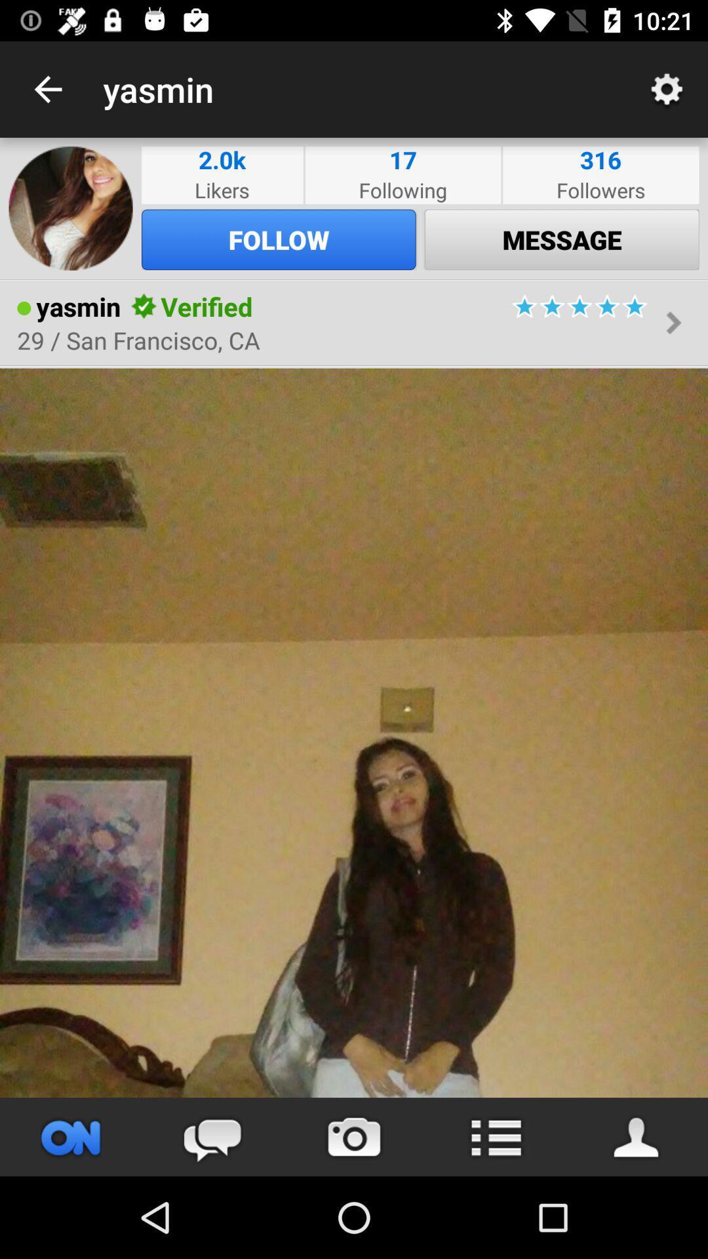 The width and height of the screenshot is (708, 1259). I want to click on item above 29 san francisco icon, so click(144, 306).